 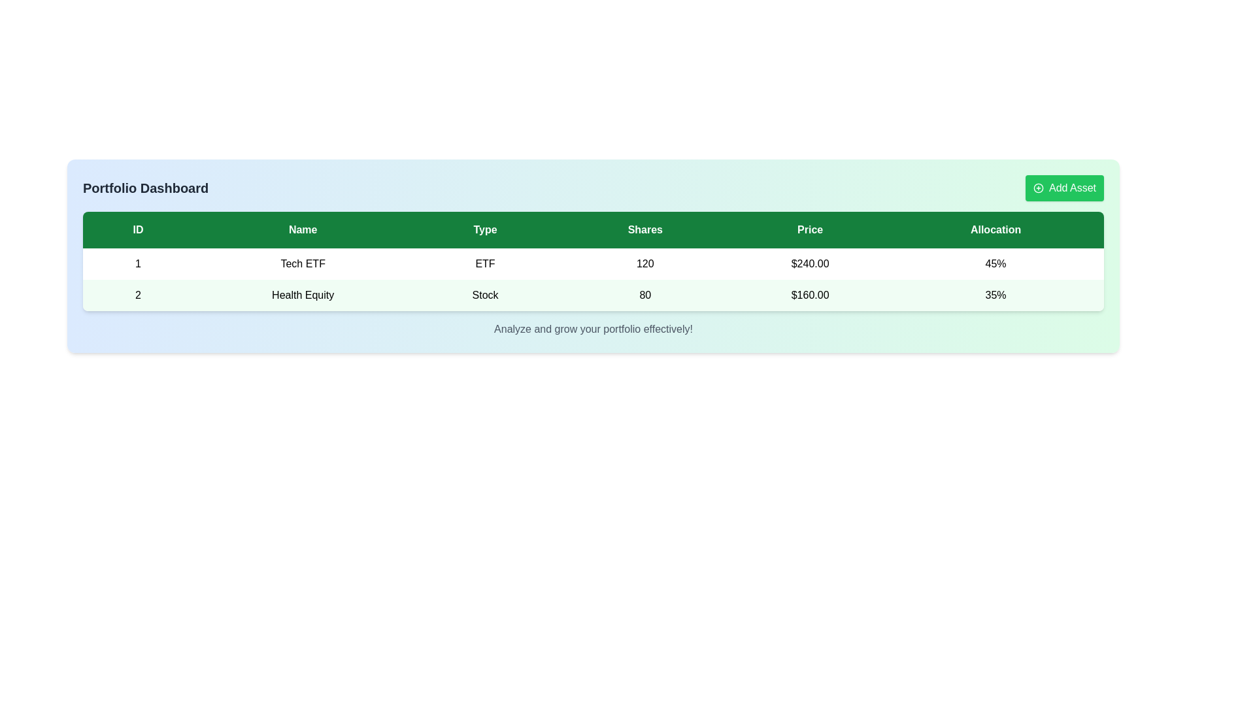 I want to click on the second row of the table in the 'Portfolio Dashboard' section, so click(x=592, y=295).